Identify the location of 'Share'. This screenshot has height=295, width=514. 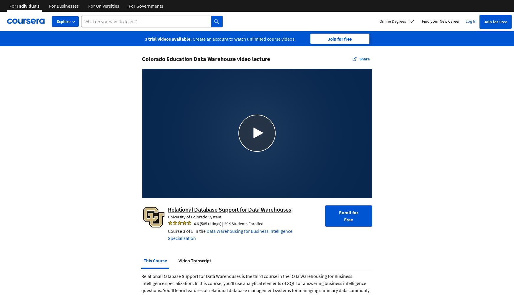
(364, 59).